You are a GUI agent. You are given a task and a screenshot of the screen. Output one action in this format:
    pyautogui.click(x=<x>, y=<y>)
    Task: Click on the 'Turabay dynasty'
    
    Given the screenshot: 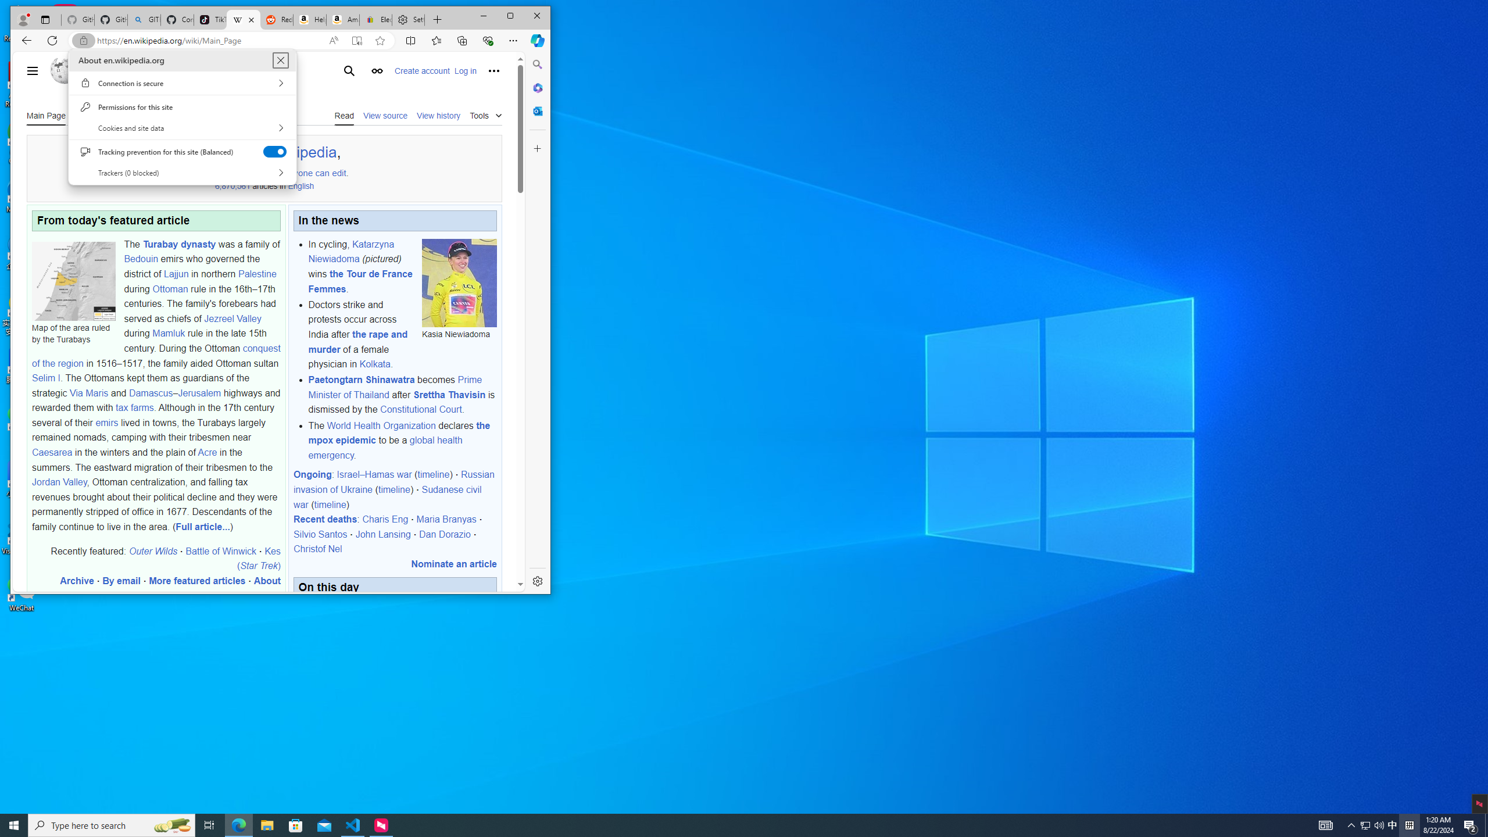 What is the action you would take?
    pyautogui.click(x=178, y=243)
    